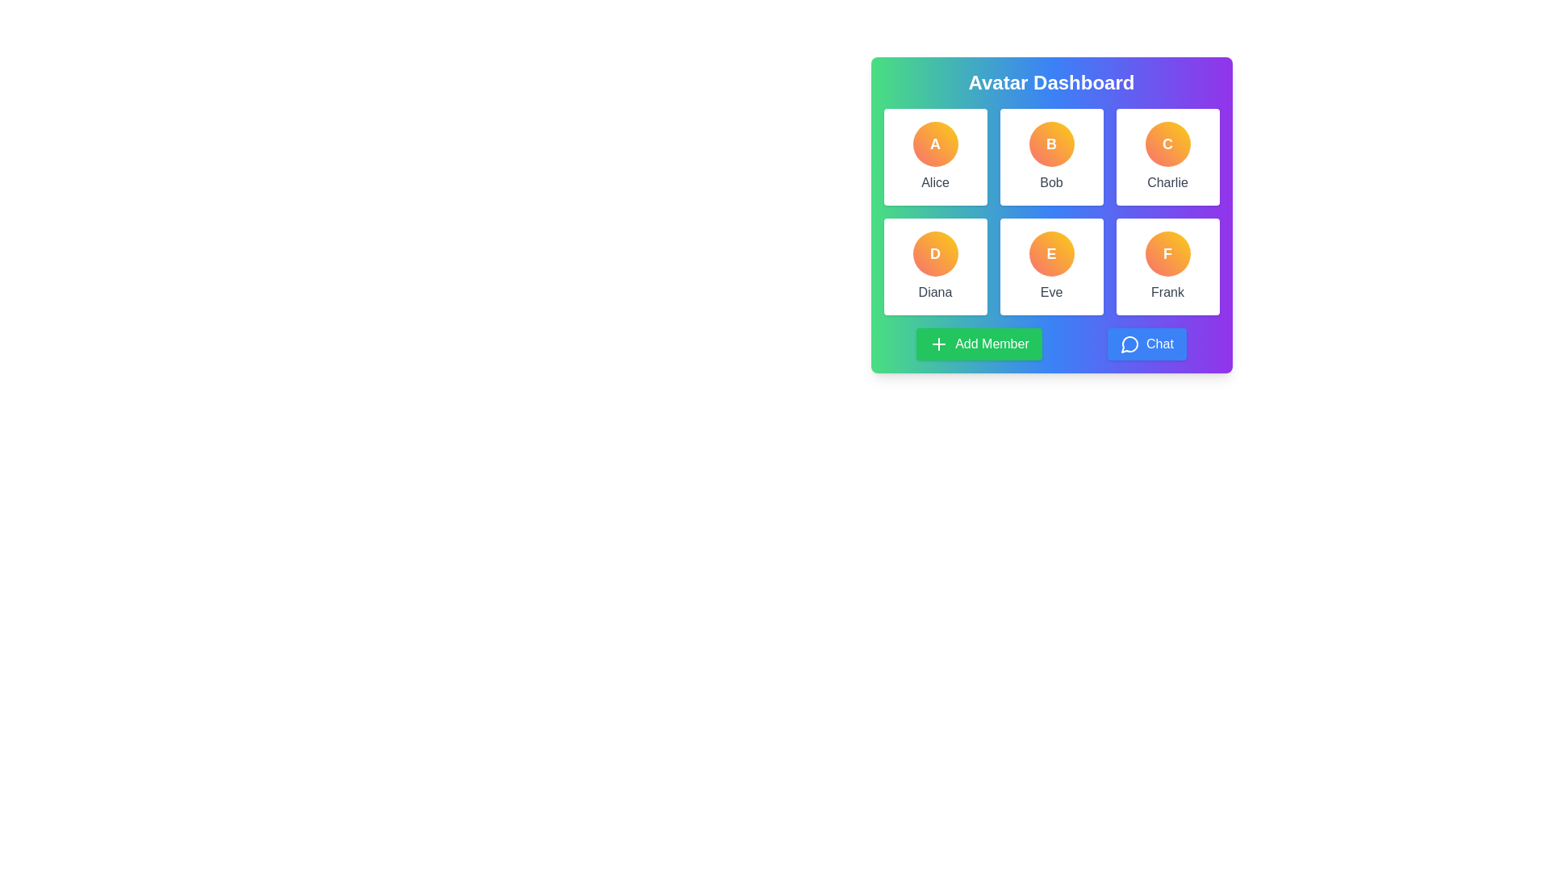 The width and height of the screenshot is (1549, 871). I want to click on the text label associated with the card titled 'F', located in the bottom section of the card in the rightmost column of the second row within a grid layout, so click(1167, 292).